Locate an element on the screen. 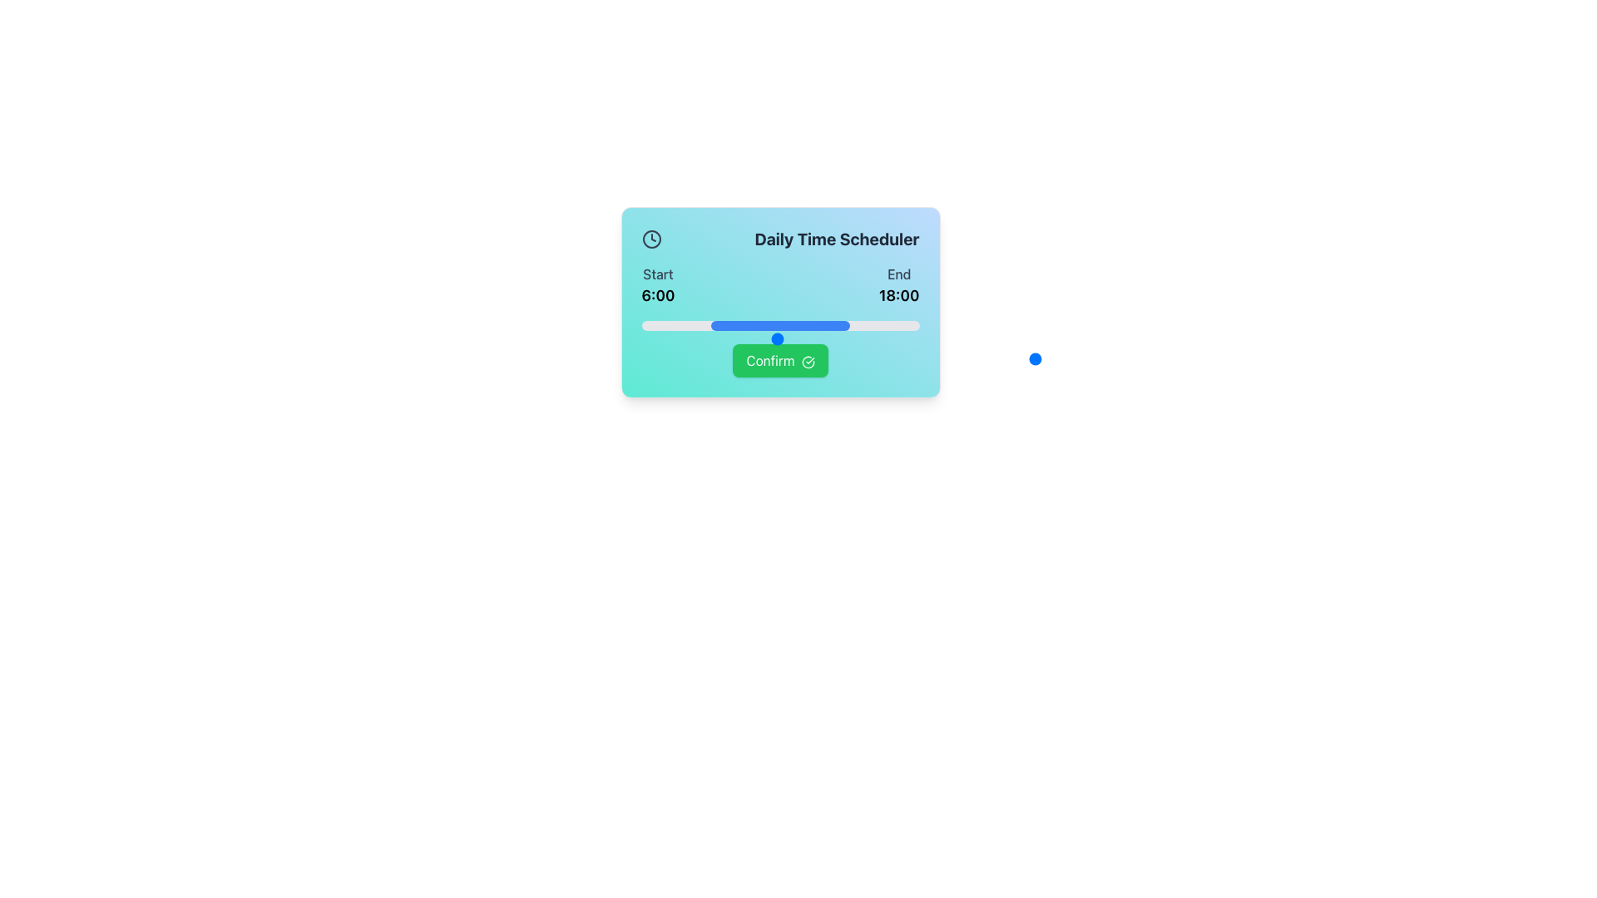 This screenshot has width=1597, height=898. the bright green 'Confirm' button with rounded corners to observe any hover effects is located at coordinates (779, 360).